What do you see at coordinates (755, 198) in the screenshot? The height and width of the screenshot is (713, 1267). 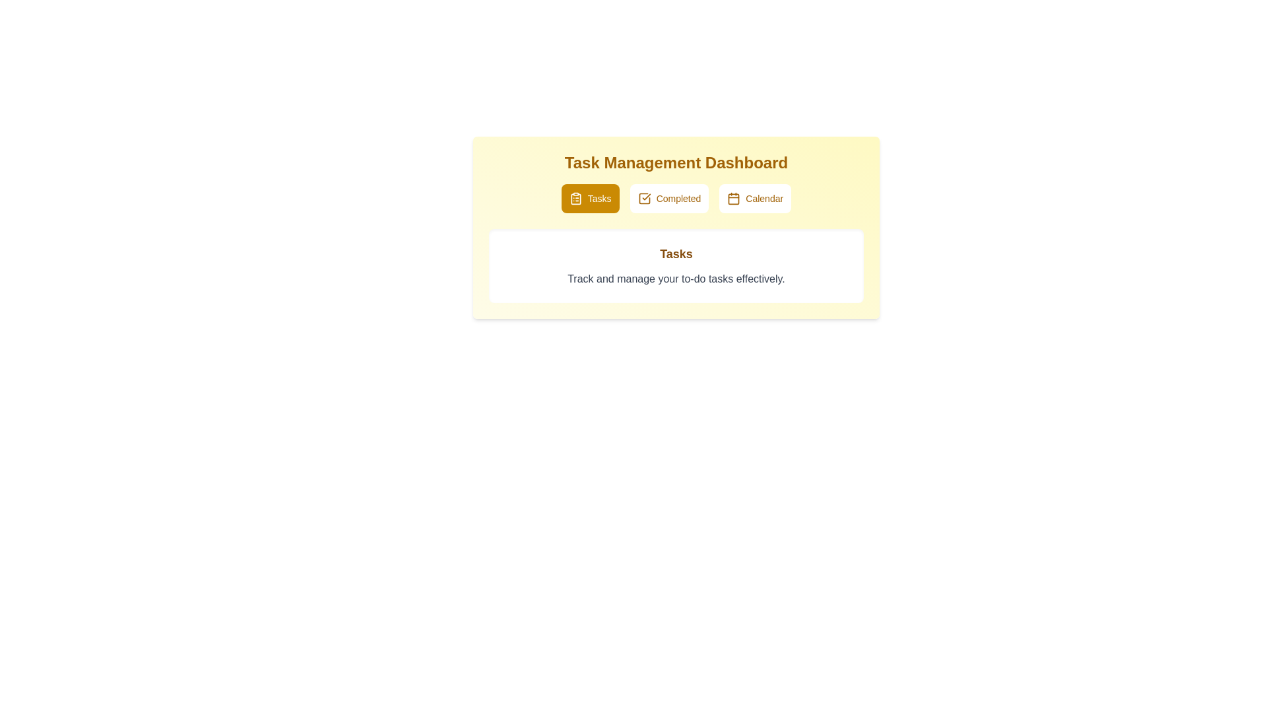 I see `the Calendar button to observe its UI effects` at bounding box center [755, 198].